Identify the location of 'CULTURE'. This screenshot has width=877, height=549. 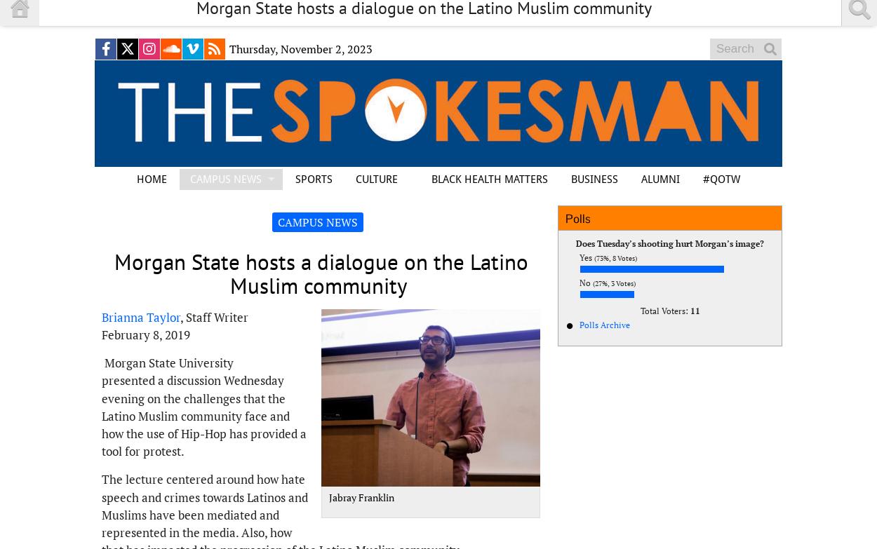
(377, 179).